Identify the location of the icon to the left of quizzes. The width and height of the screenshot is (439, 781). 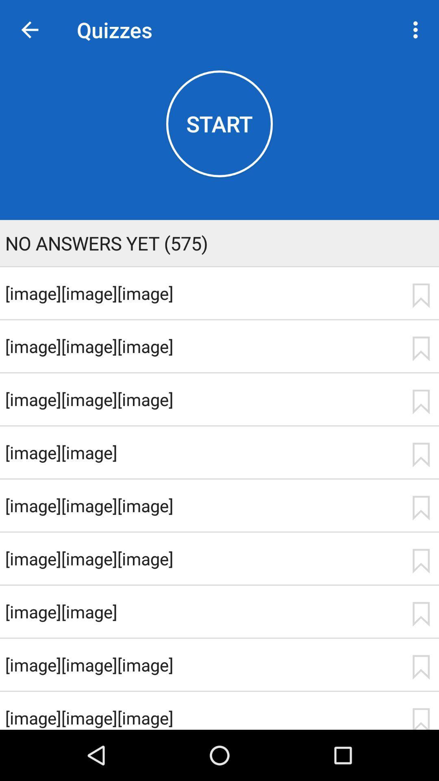
(29, 30).